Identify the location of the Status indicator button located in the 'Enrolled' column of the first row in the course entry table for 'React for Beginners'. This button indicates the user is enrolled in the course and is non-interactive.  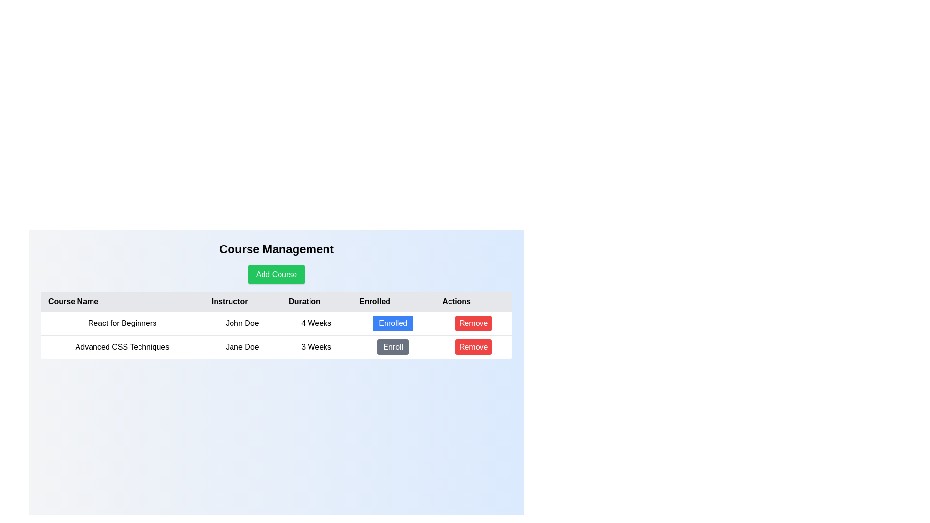
(393, 323).